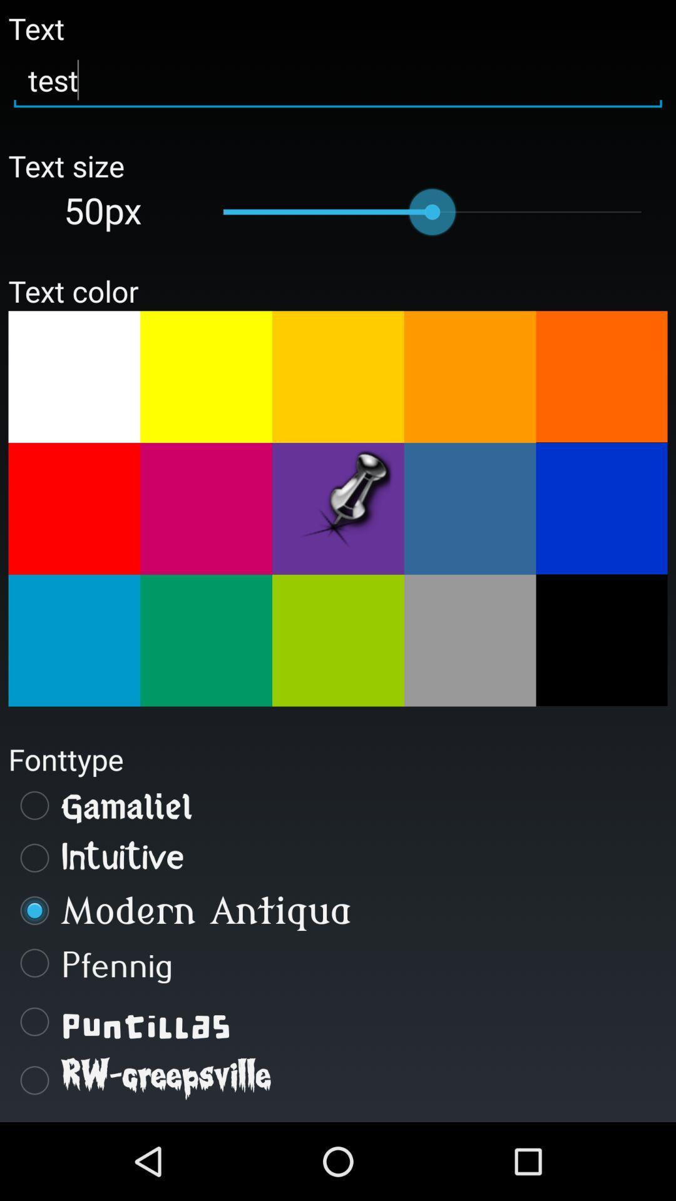 This screenshot has width=676, height=1201. What do you see at coordinates (338, 376) in the screenshot?
I see `change text color` at bounding box center [338, 376].